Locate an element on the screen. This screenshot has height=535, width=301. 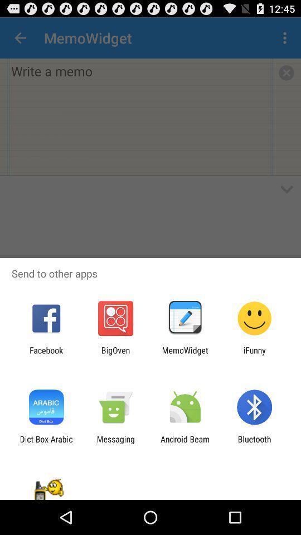
app to the right of messaging is located at coordinates (185, 444).